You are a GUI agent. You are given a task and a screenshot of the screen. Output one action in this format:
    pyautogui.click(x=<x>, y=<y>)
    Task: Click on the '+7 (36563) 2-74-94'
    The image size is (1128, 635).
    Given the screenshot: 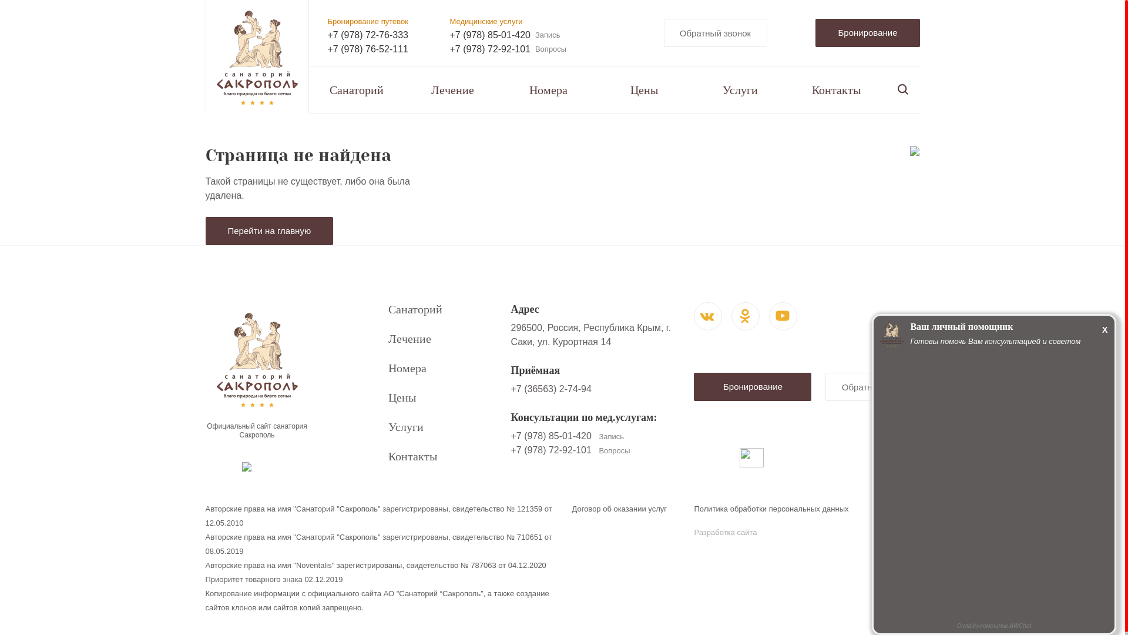 What is the action you would take?
    pyautogui.click(x=550, y=389)
    